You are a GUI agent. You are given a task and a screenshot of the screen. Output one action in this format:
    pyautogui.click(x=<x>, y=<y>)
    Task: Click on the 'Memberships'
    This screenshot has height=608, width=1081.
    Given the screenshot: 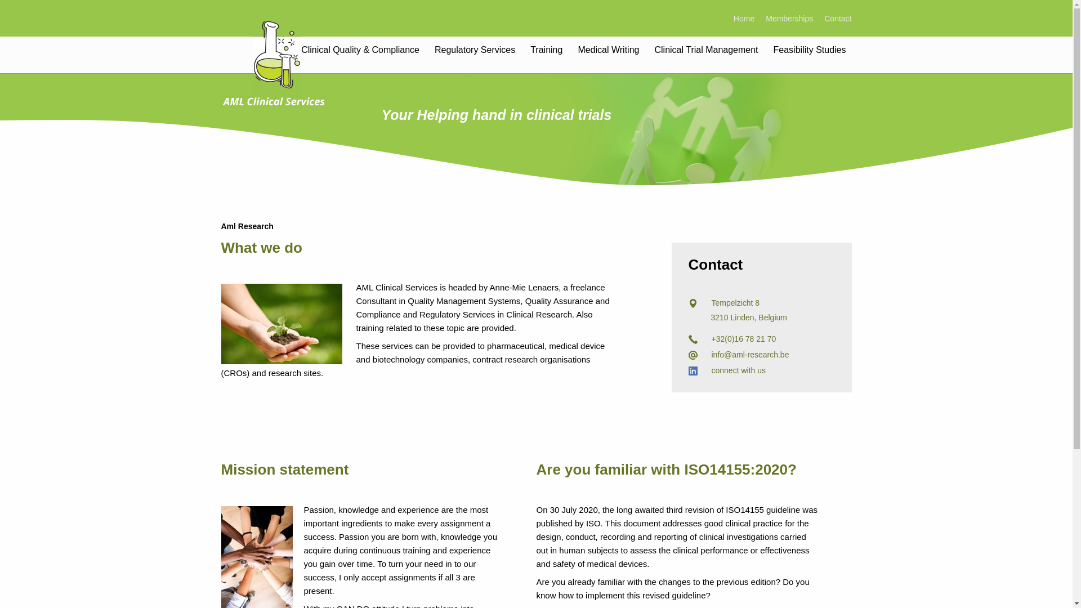 What is the action you would take?
    pyautogui.click(x=754, y=19)
    